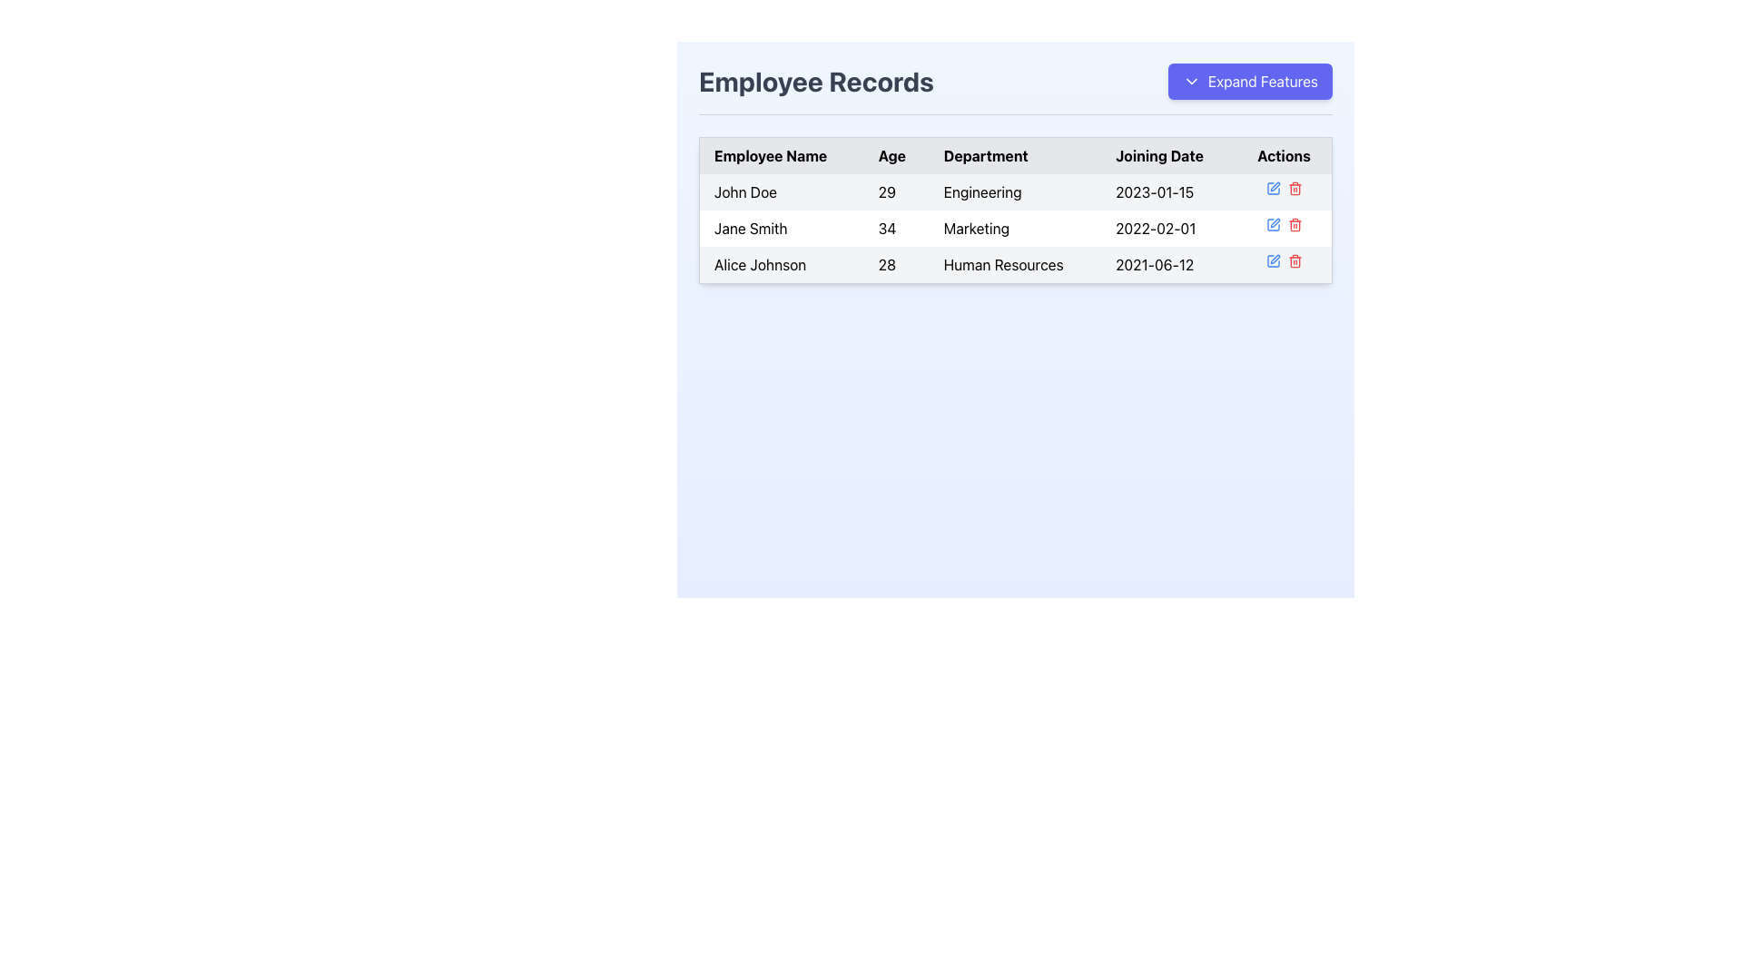 Image resolution: width=1743 pixels, height=980 pixels. Describe the element at coordinates (1294, 262) in the screenshot. I see `the delete icon located in the 'Actions' column of the third row in the visible table, which is the second icon in the 'Actions' cell following the edit icon` at that location.